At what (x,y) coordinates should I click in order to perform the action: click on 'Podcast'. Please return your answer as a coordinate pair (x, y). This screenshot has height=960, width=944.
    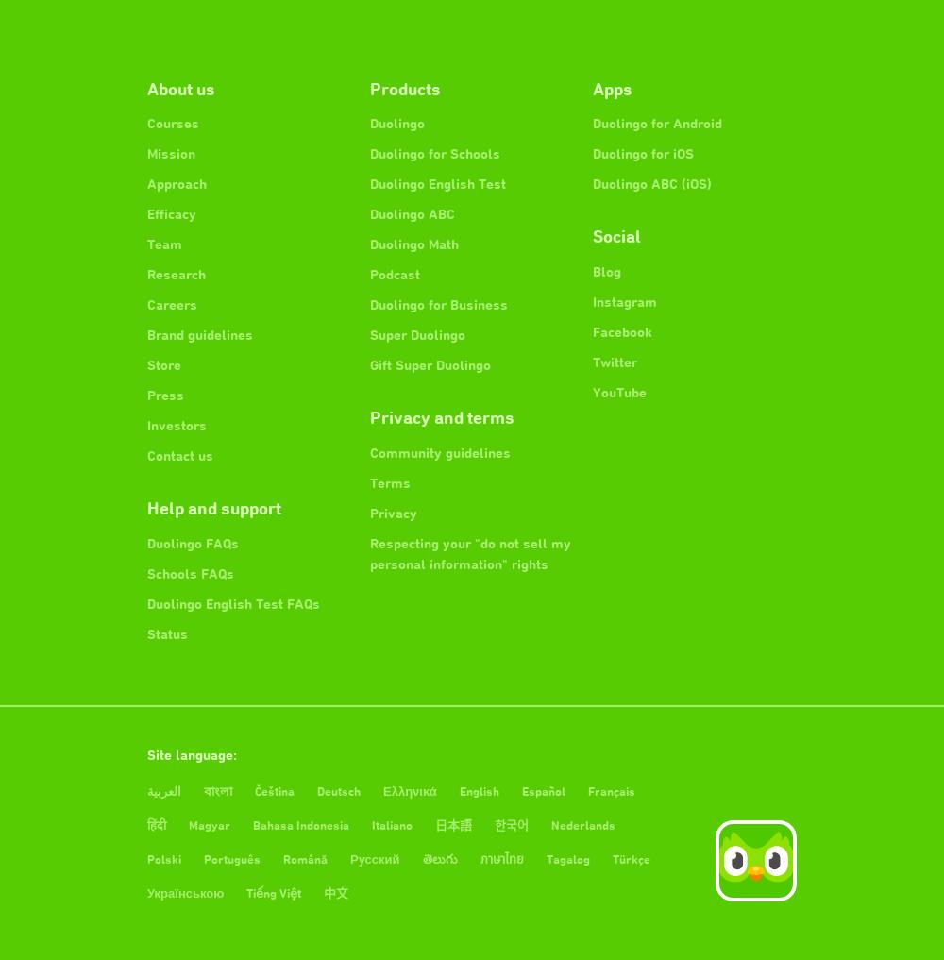
    Looking at the image, I should click on (395, 274).